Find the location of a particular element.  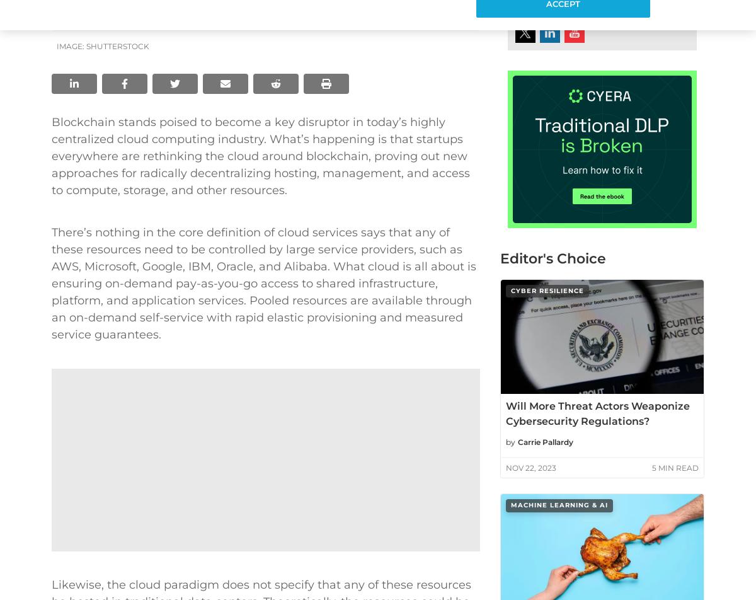

'5 Min' is located at coordinates (662, 468).